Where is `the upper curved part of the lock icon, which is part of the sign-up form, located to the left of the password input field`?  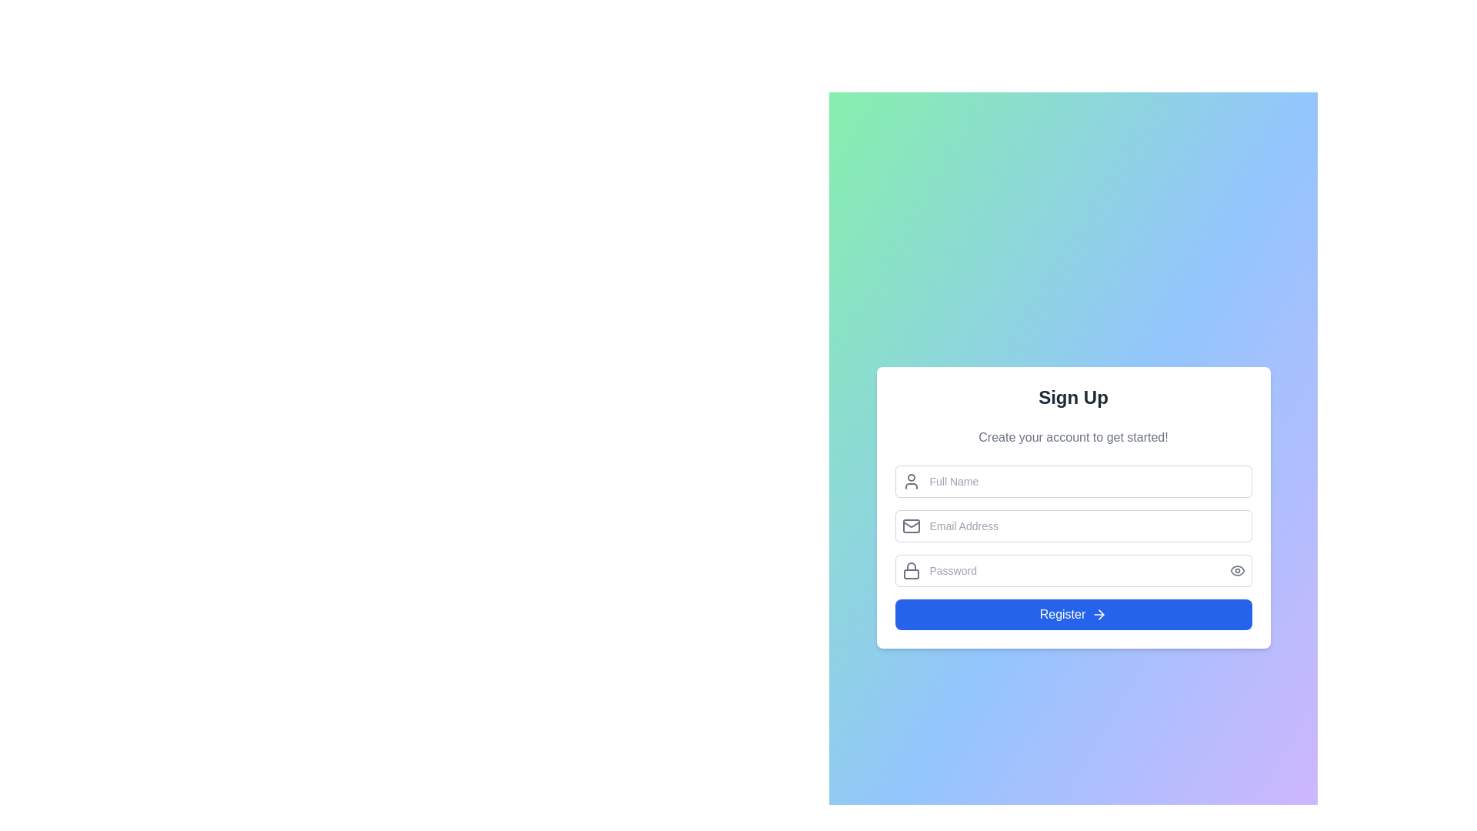 the upper curved part of the lock icon, which is part of the sign-up form, located to the left of the password input field is located at coordinates (911, 566).